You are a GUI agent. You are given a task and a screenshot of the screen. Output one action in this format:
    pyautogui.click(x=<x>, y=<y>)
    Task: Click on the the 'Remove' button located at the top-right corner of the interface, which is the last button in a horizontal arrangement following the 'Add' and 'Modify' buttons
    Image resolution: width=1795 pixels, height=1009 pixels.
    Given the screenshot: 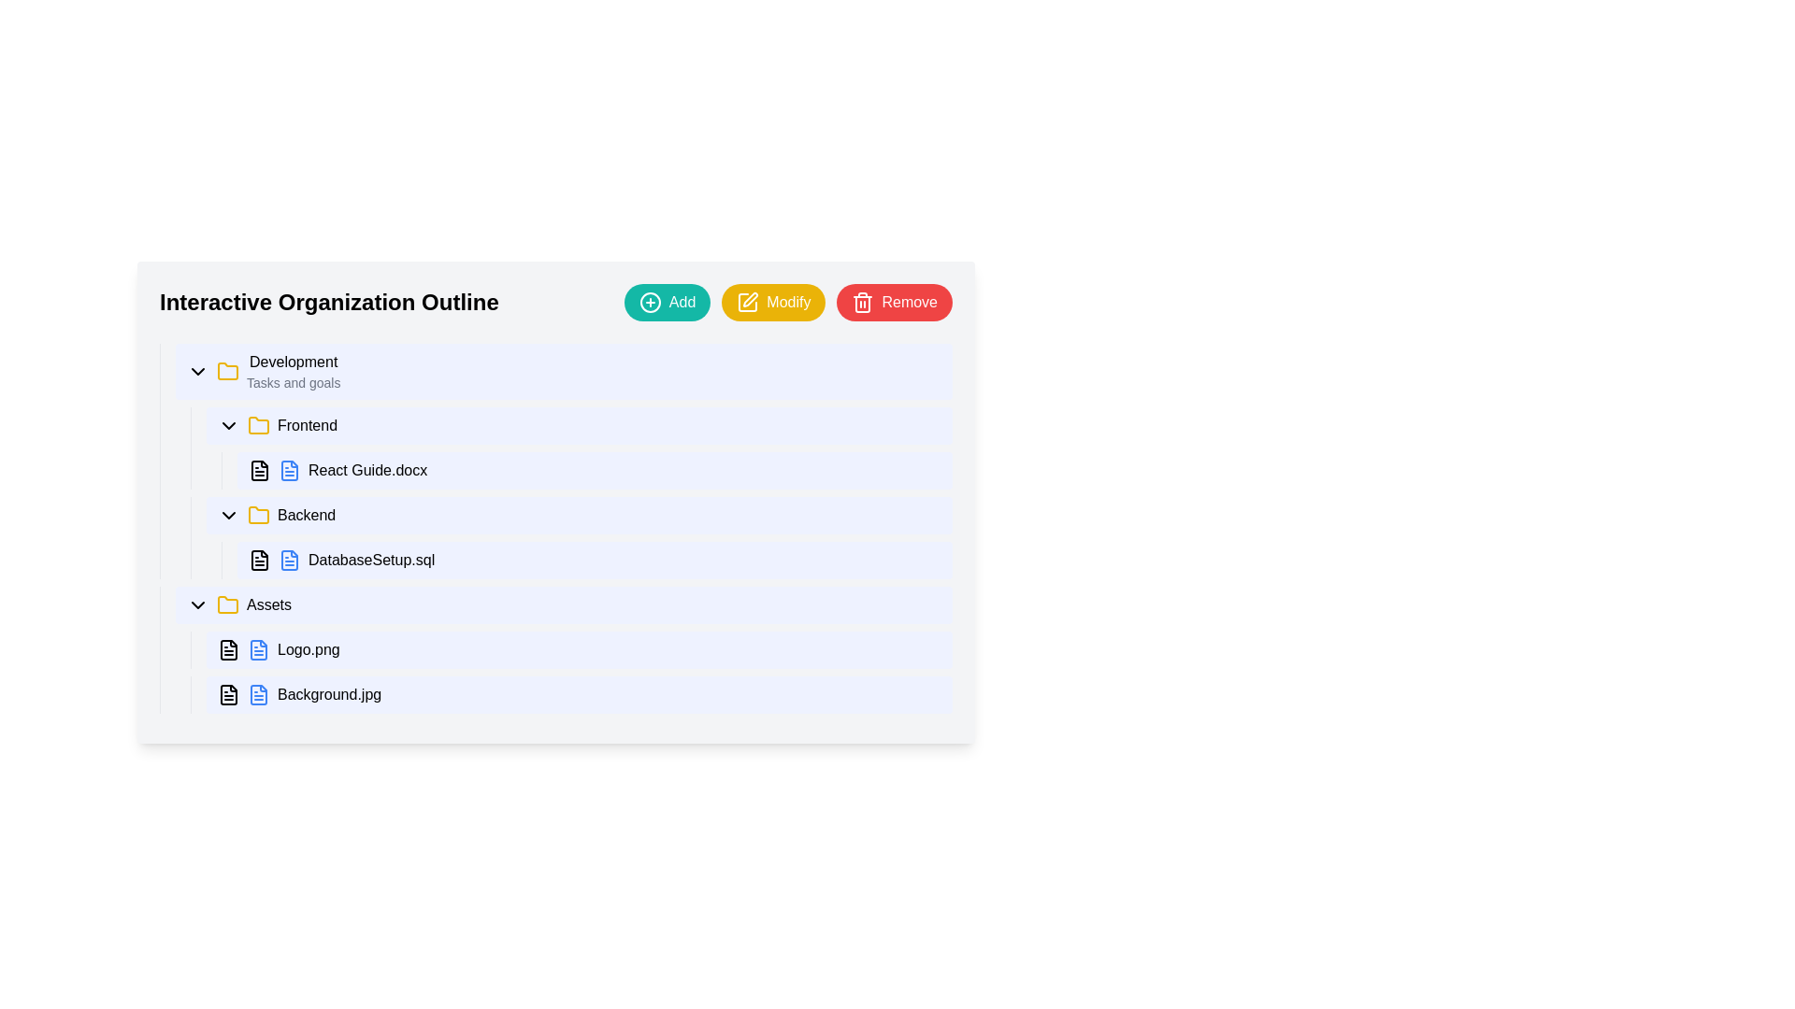 What is the action you would take?
    pyautogui.click(x=894, y=302)
    